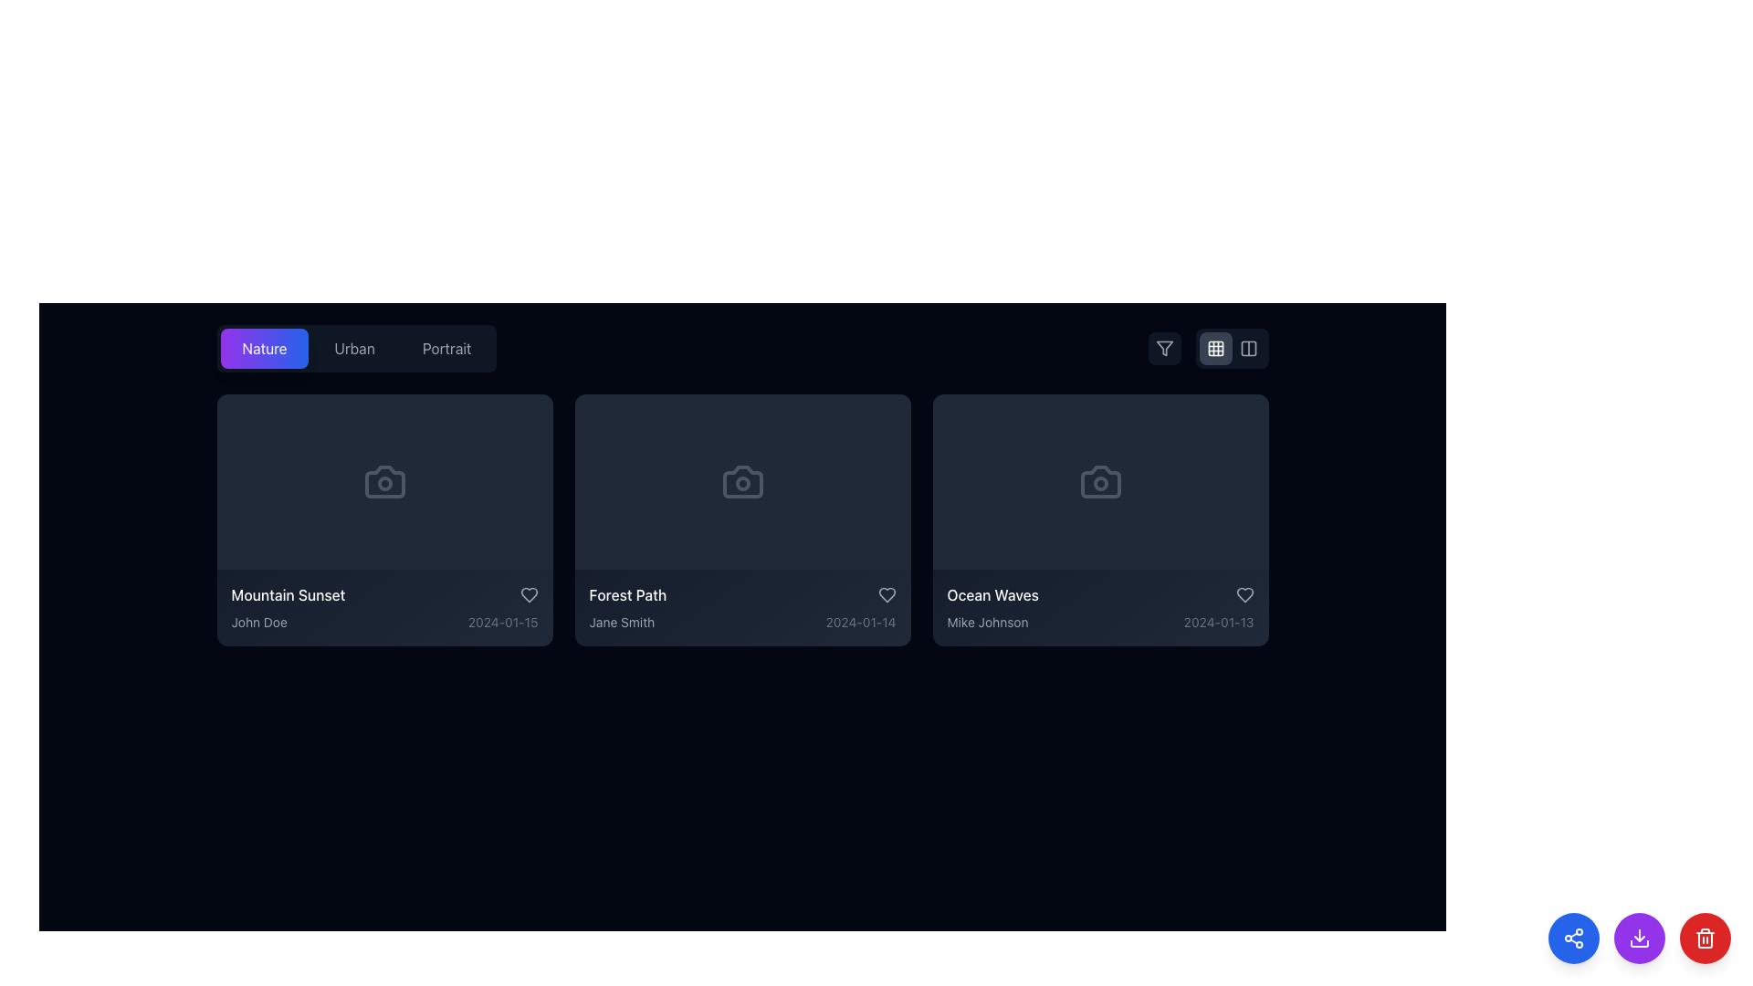 This screenshot has height=986, width=1753. What do you see at coordinates (1247, 348) in the screenshot?
I see `the button located in the top-right corner of the main interface, which switches the display mode to a two-column view` at bounding box center [1247, 348].